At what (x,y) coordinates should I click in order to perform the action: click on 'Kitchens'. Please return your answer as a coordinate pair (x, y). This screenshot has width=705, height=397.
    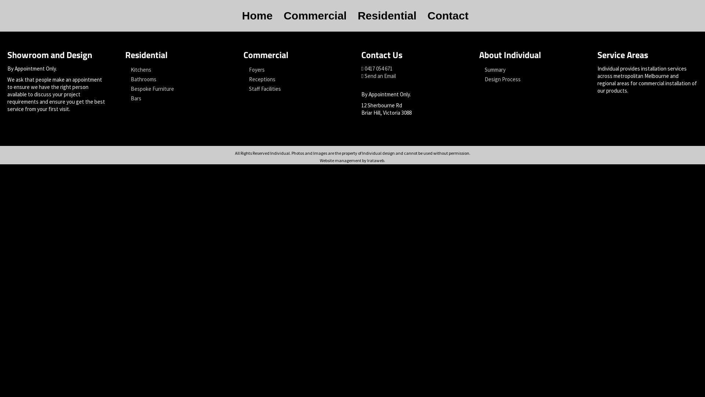
    Looking at the image, I should click on (175, 69).